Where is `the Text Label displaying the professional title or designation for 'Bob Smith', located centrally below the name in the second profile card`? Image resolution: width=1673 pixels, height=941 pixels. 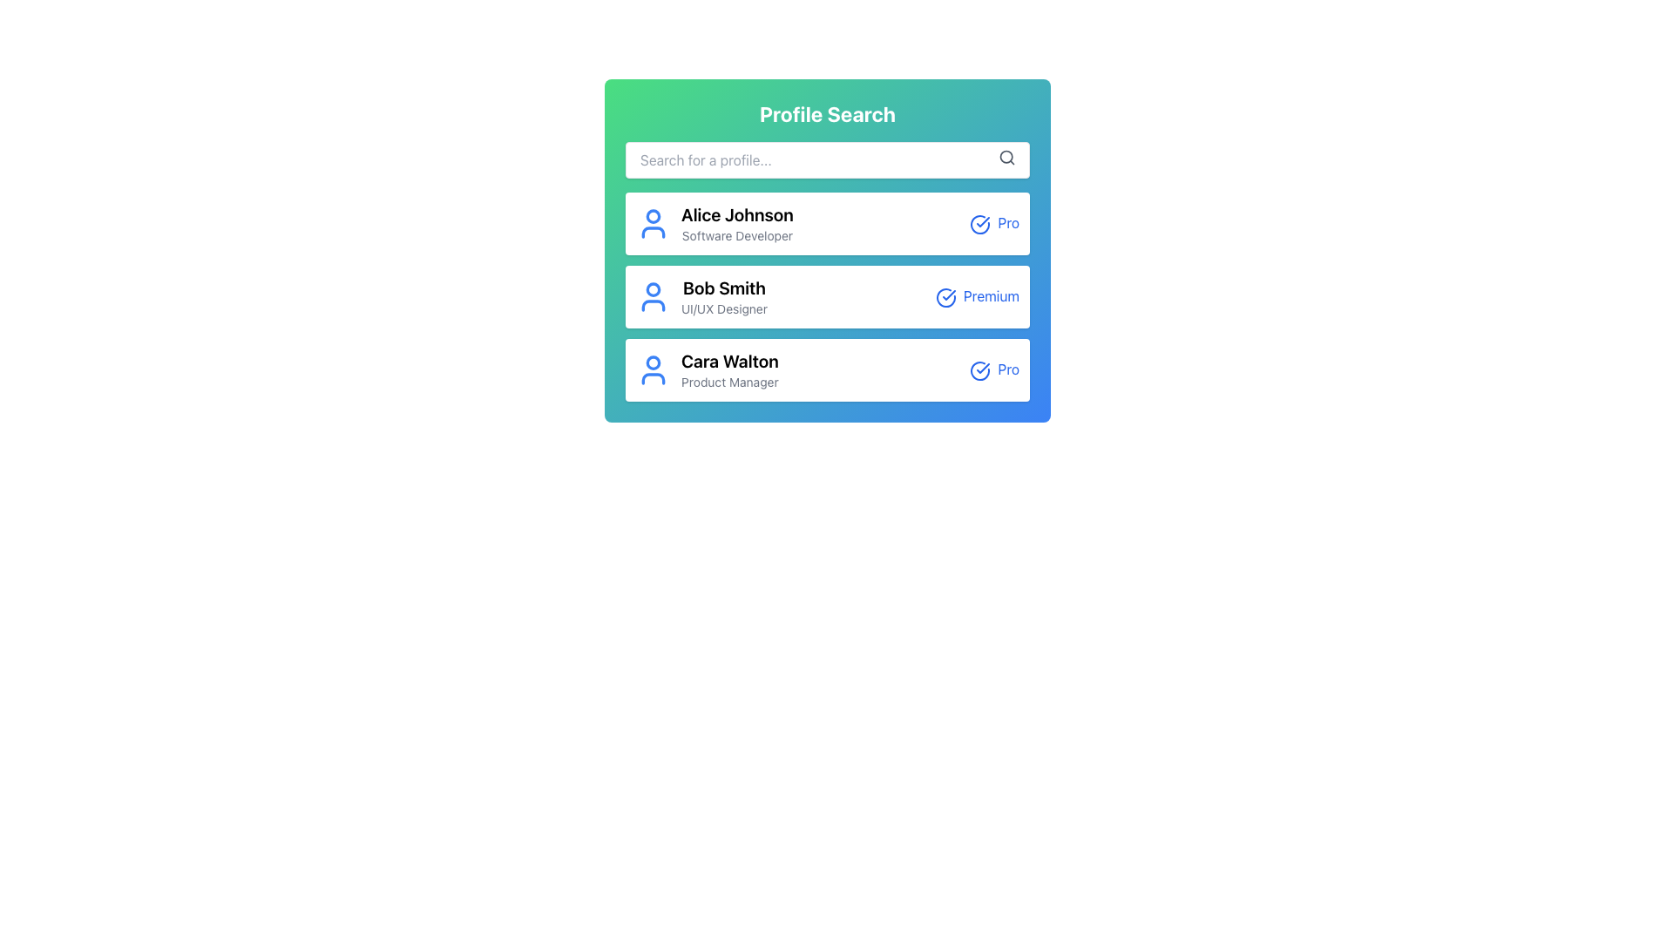
the Text Label displaying the professional title or designation for 'Bob Smith', located centrally below the name in the second profile card is located at coordinates (724, 308).